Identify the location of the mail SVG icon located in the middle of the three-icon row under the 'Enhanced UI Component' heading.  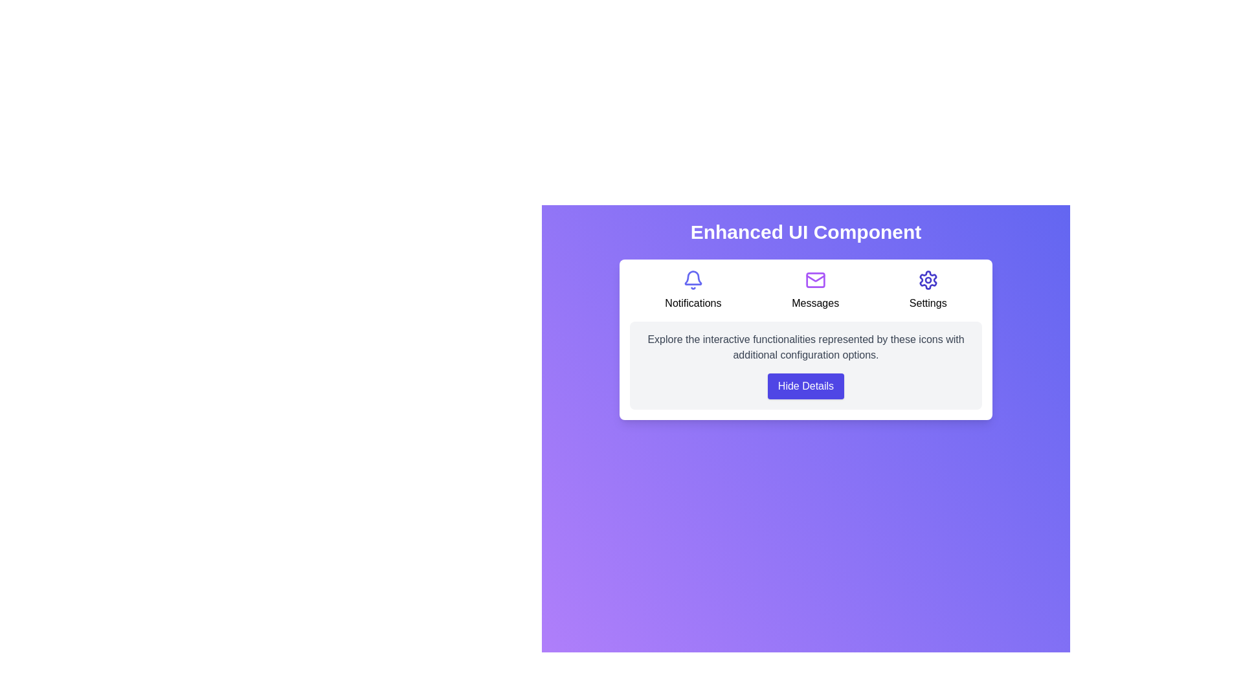
(814, 279).